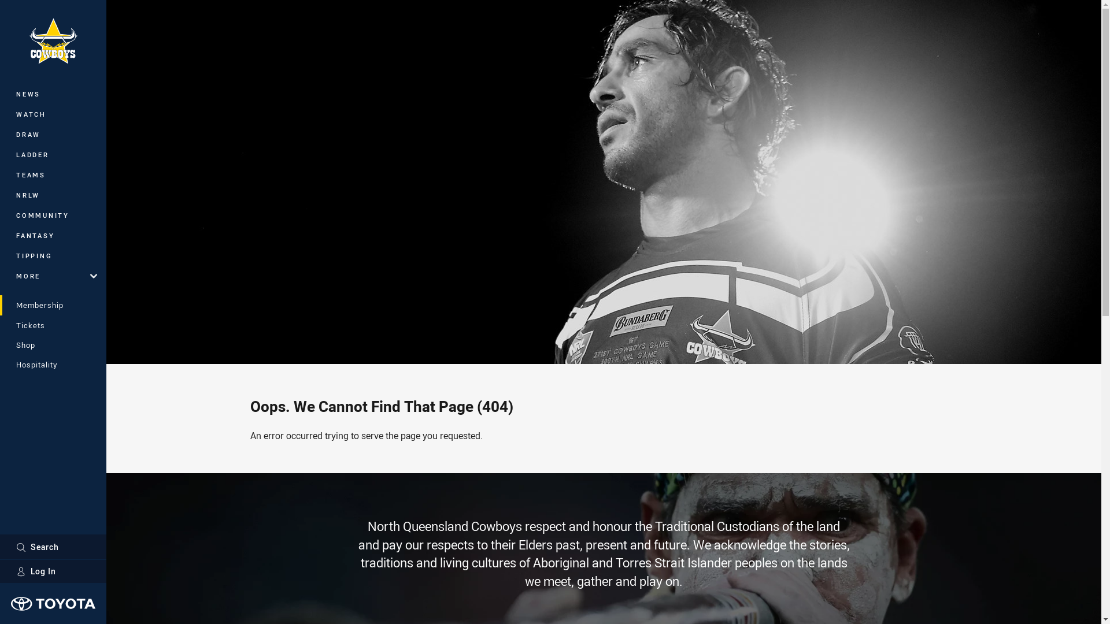 The height and width of the screenshot is (624, 1110). I want to click on 'FANTASY', so click(52, 235).